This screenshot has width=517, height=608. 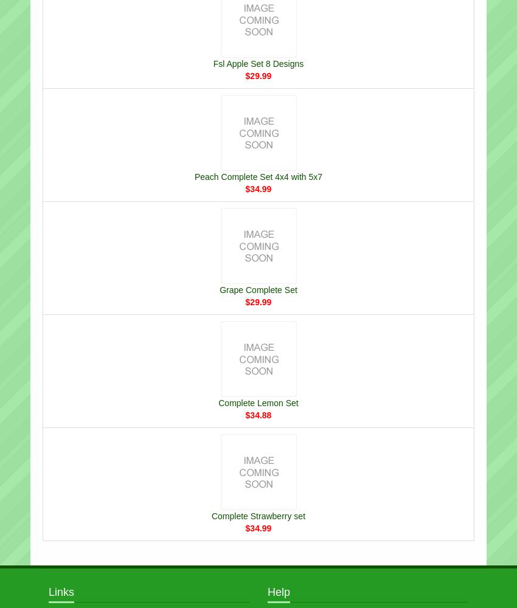 I want to click on 'Links', so click(x=48, y=591).